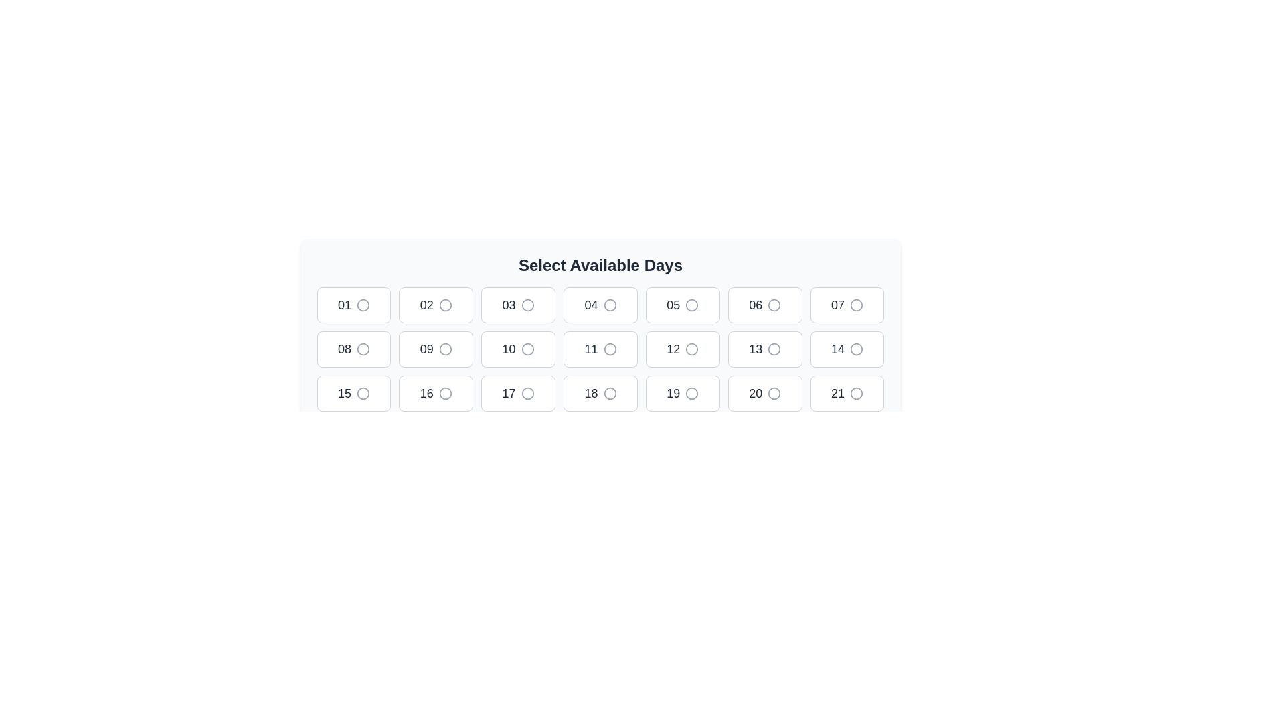 This screenshot has width=1285, height=723. I want to click on information displayed in the Text label representing the day number '07' in the seventh tile of the calendar grid, so click(837, 305).